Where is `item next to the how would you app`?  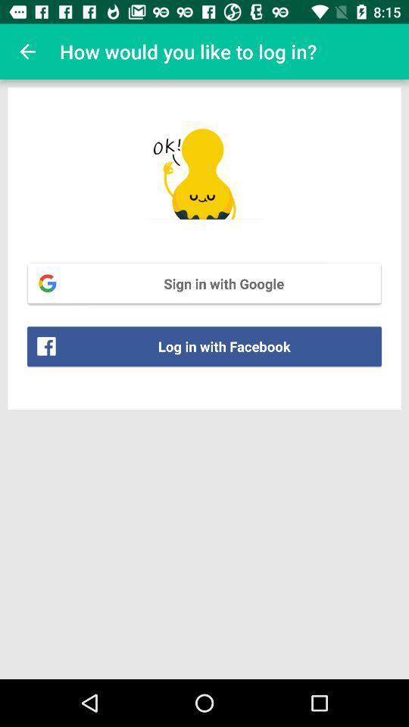
item next to the how would you app is located at coordinates (27, 51).